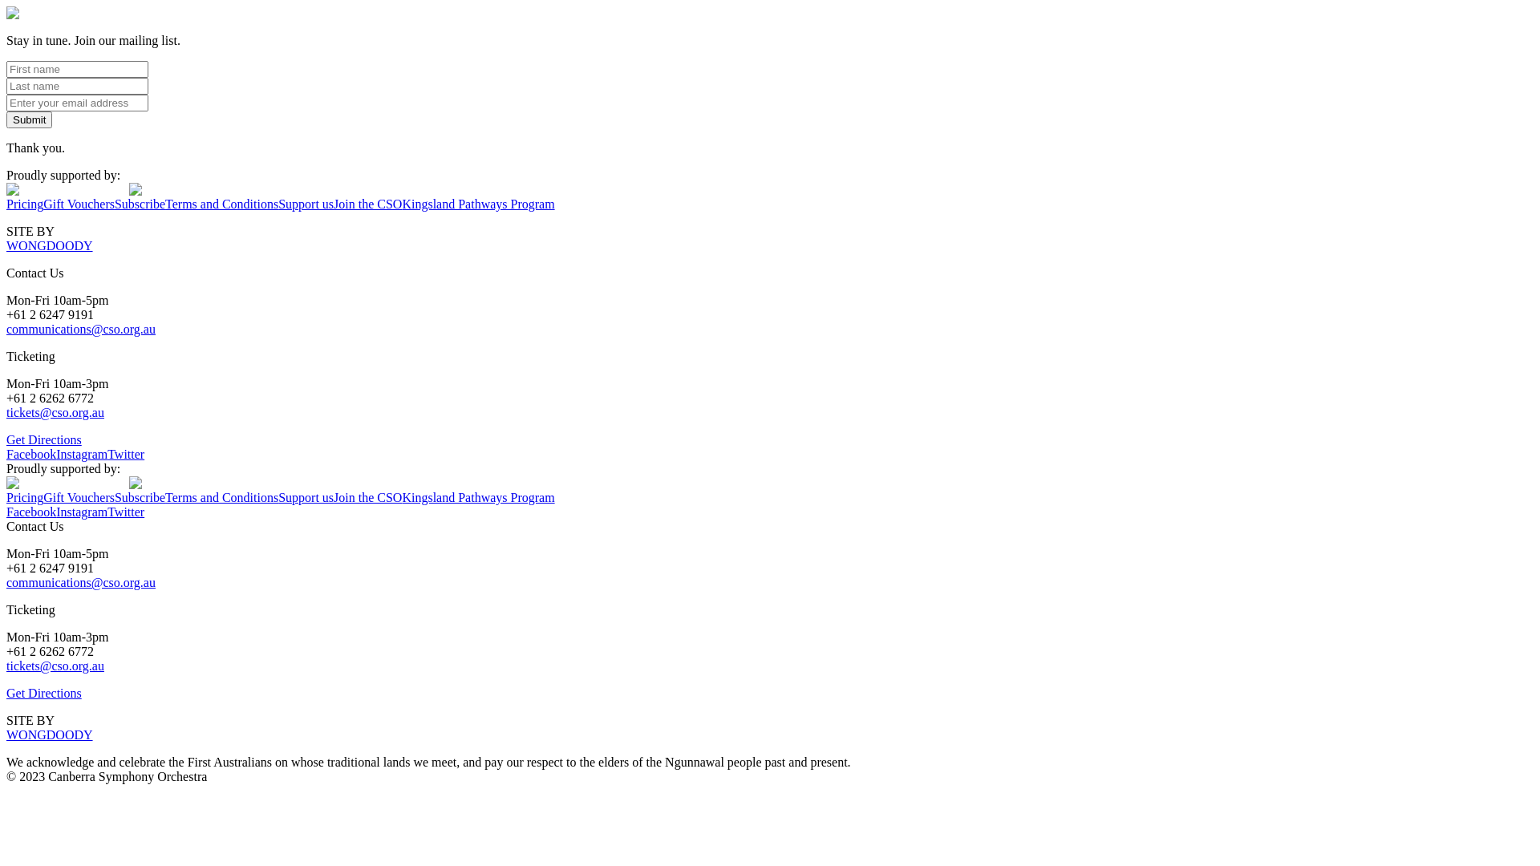  Describe the element at coordinates (80, 454) in the screenshot. I see `'Instagram'` at that location.